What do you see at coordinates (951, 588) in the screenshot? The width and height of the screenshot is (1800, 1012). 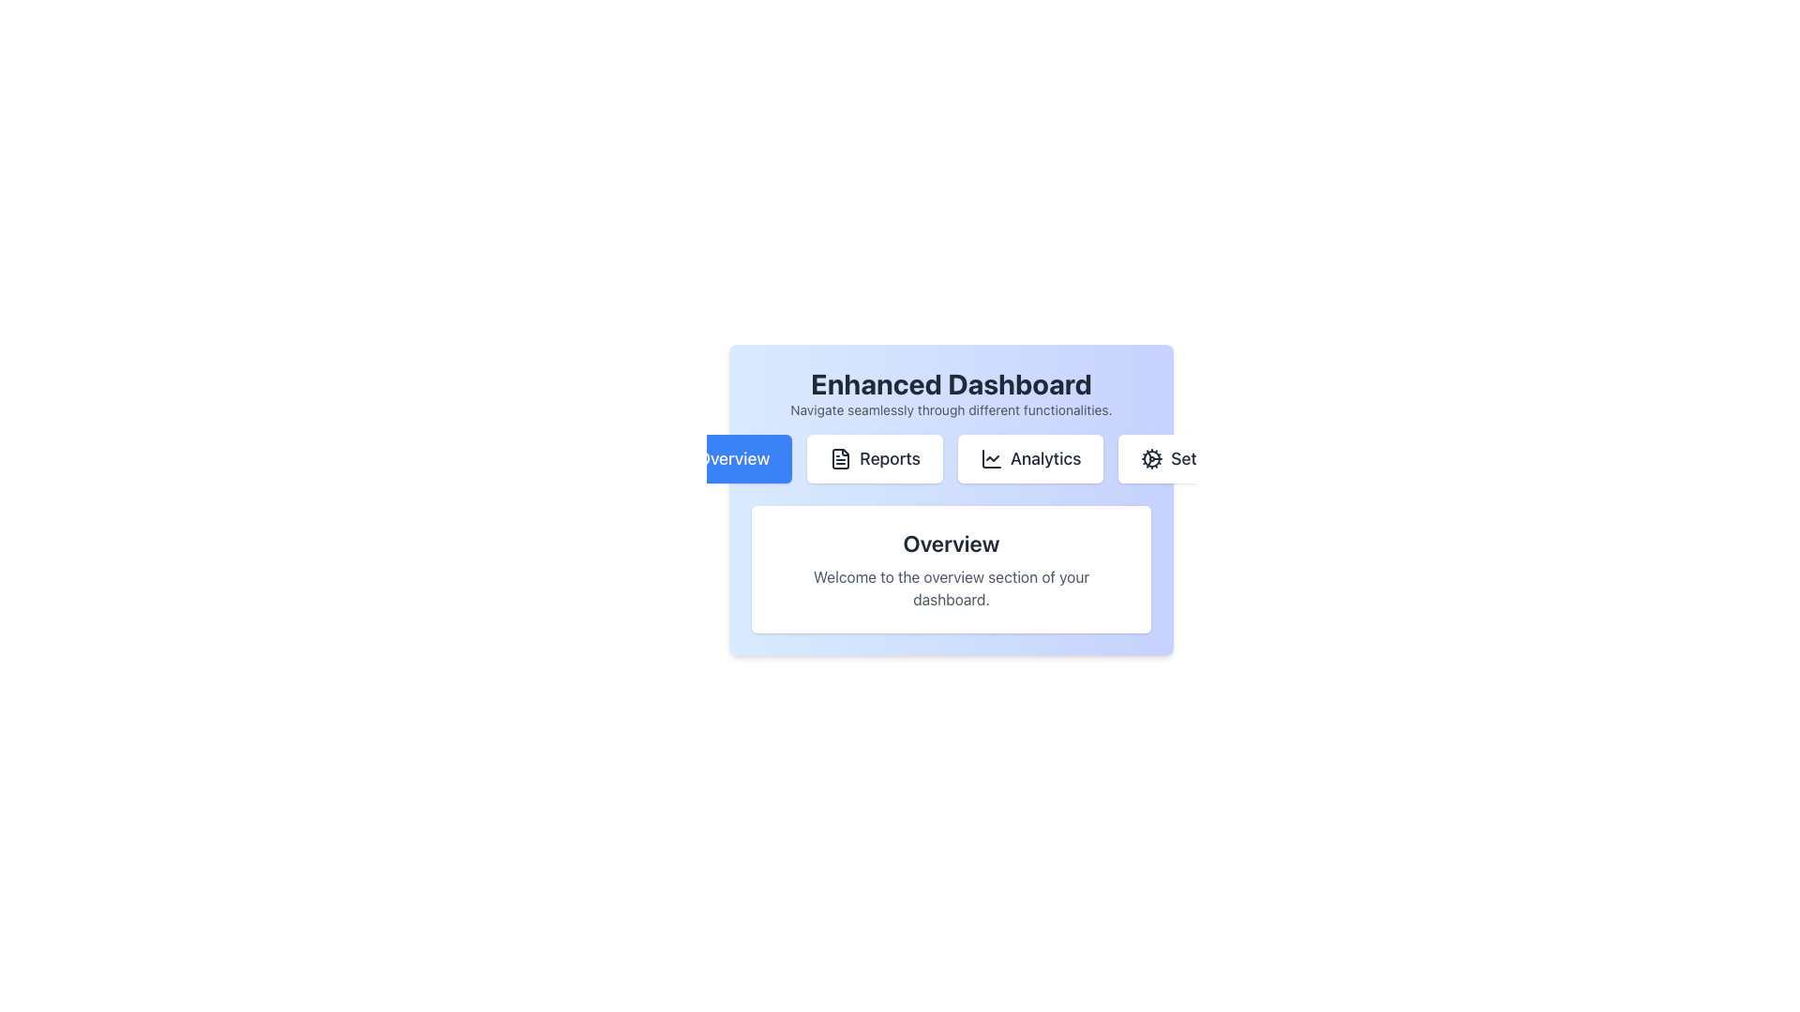 I see `the static text that reads 'Welcome to the overview section of your dashboard.' which is positioned below the title 'Overview'` at bounding box center [951, 588].